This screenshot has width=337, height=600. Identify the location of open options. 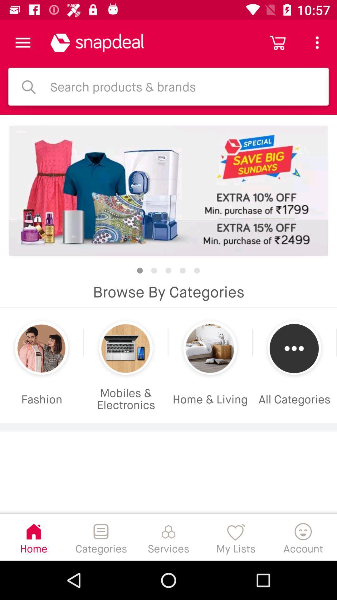
(22, 42).